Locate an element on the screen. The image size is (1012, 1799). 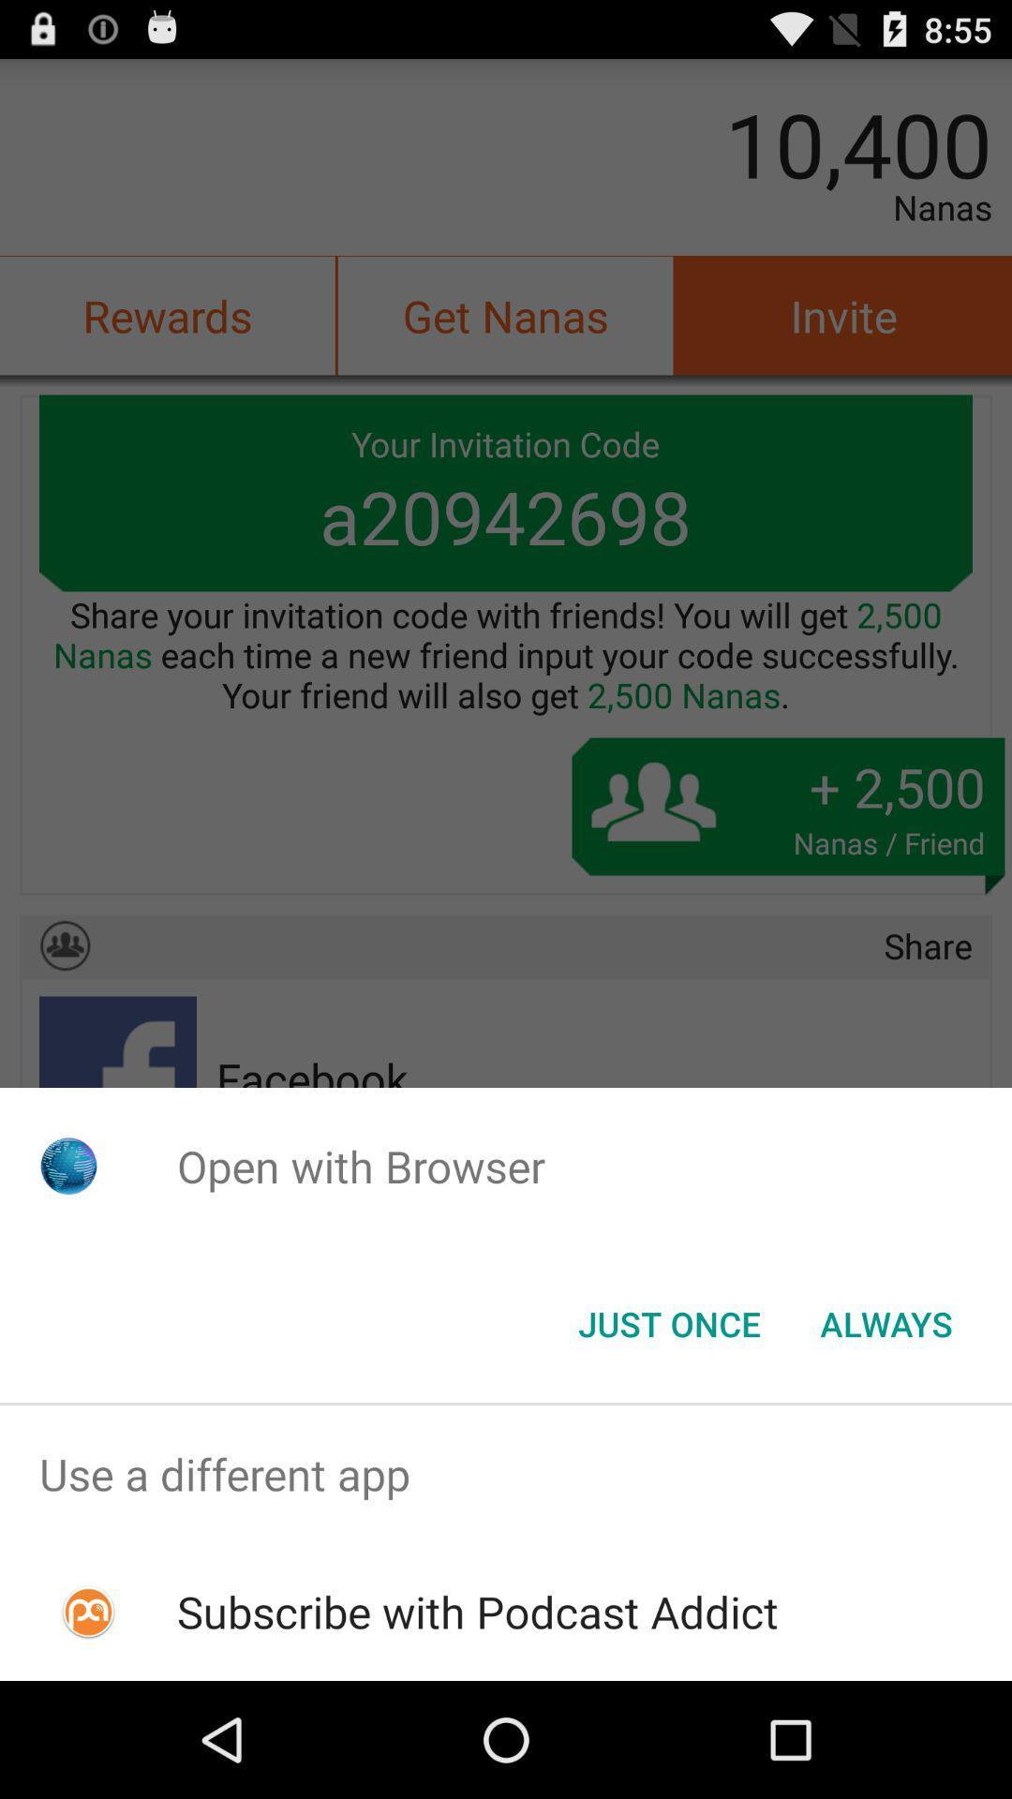
the always icon is located at coordinates (885, 1322).